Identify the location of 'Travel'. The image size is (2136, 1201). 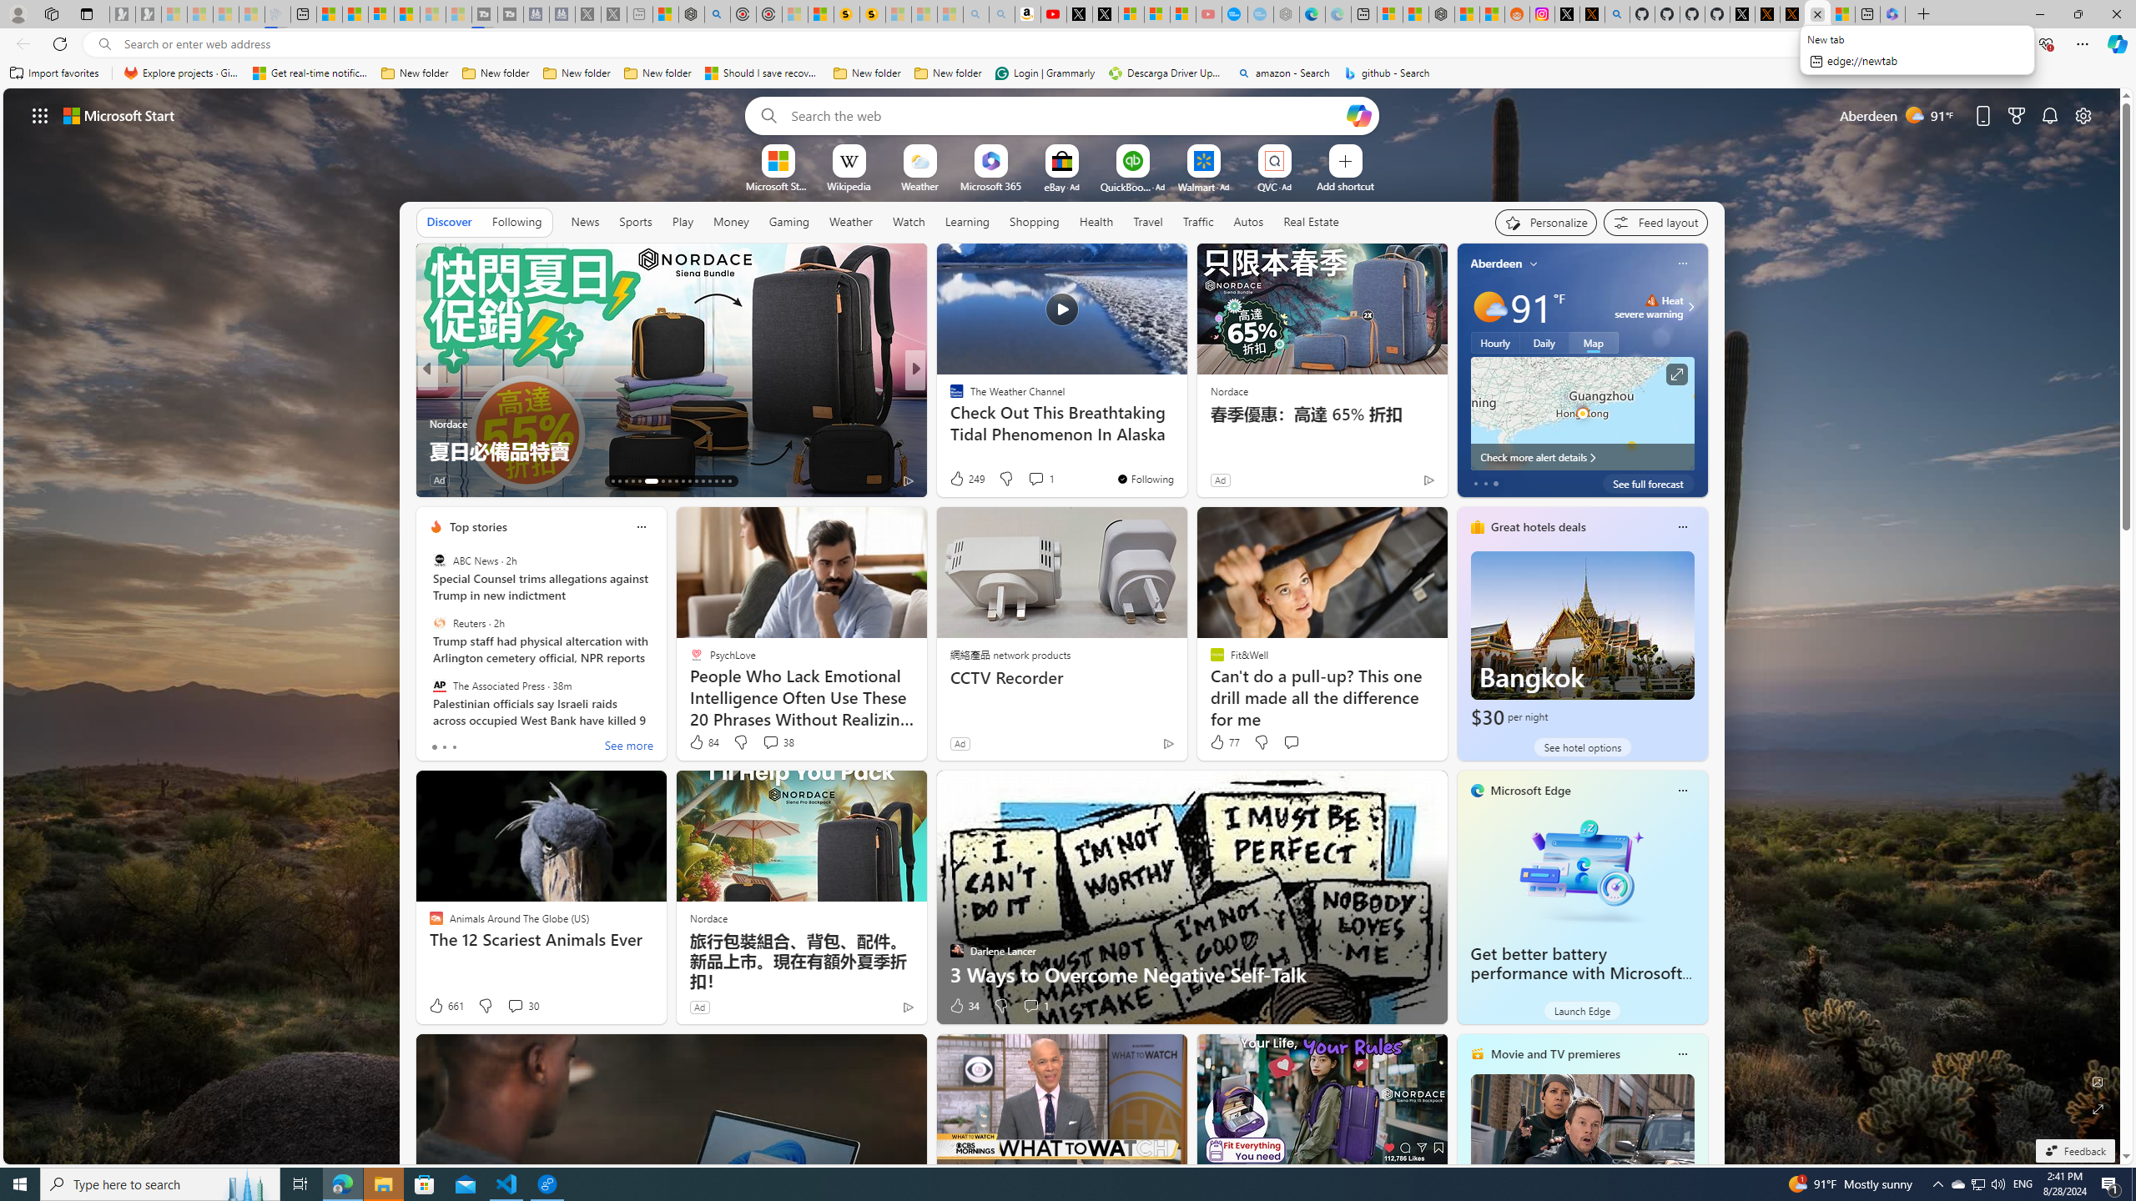
(1147, 221).